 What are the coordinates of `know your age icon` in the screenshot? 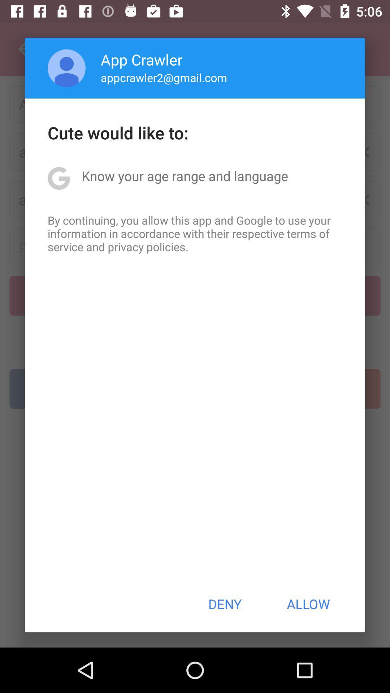 It's located at (185, 176).